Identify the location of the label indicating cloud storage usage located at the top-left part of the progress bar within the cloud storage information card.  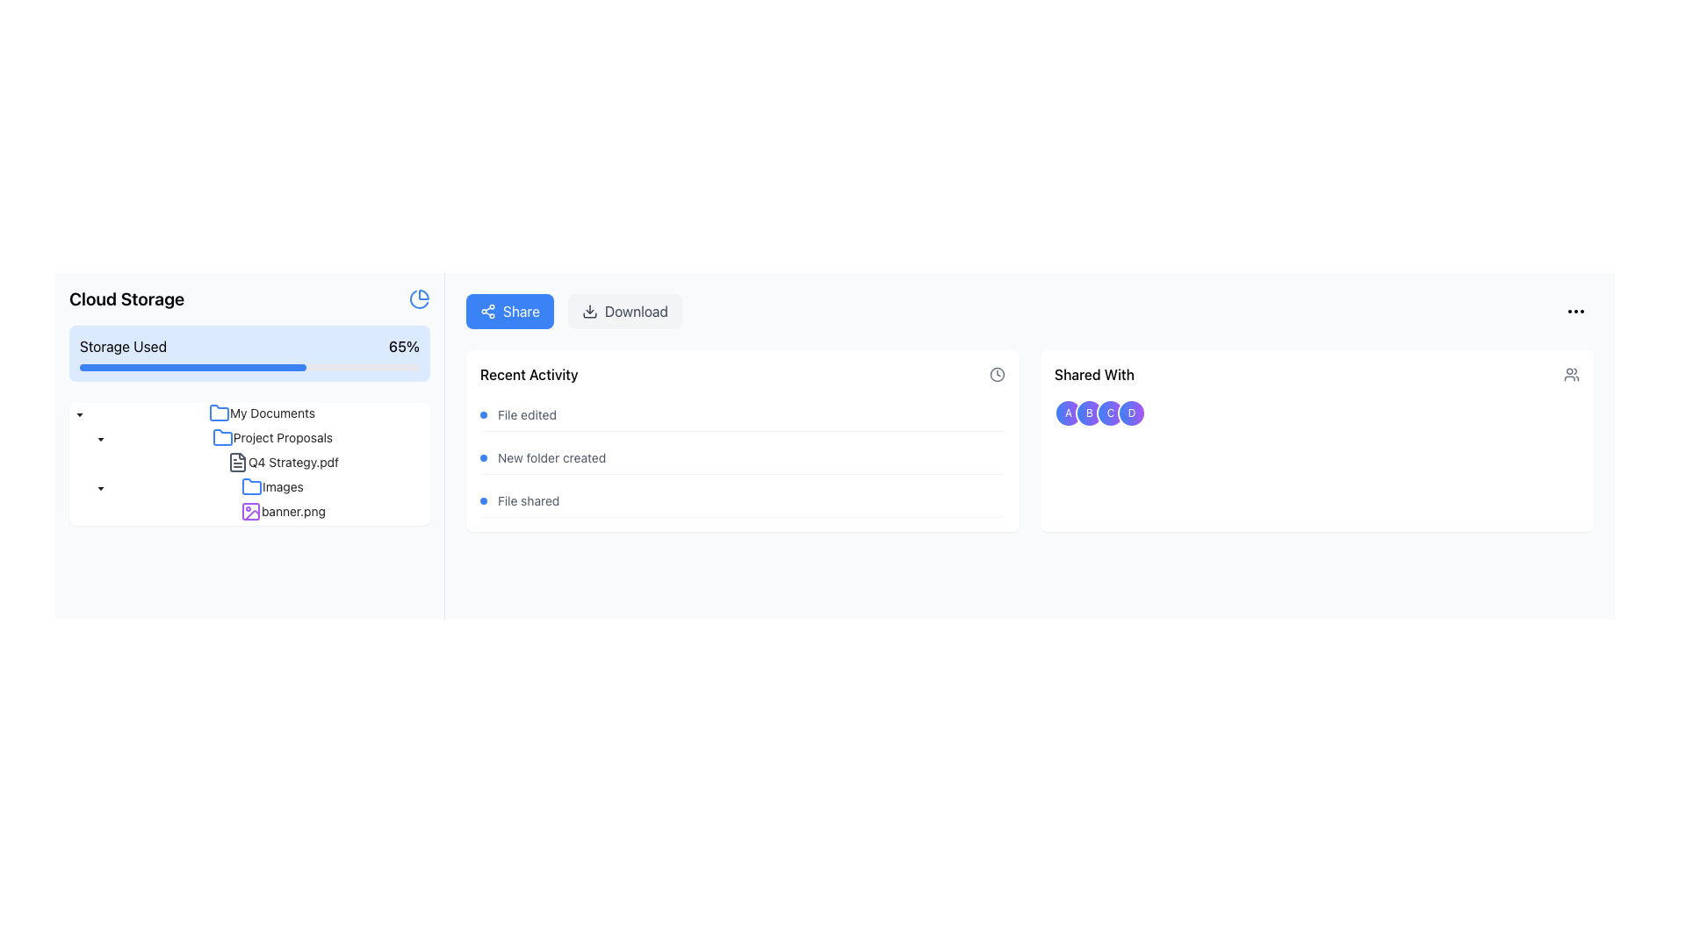
(122, 346).